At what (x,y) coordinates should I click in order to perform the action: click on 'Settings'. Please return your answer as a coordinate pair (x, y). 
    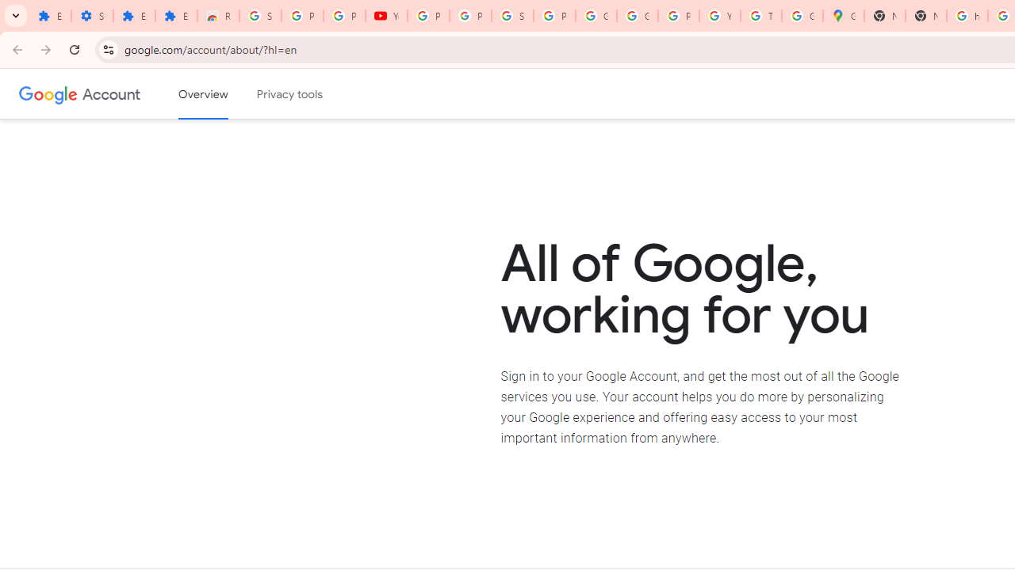
    Looking at the image, I should click on (91, 16).